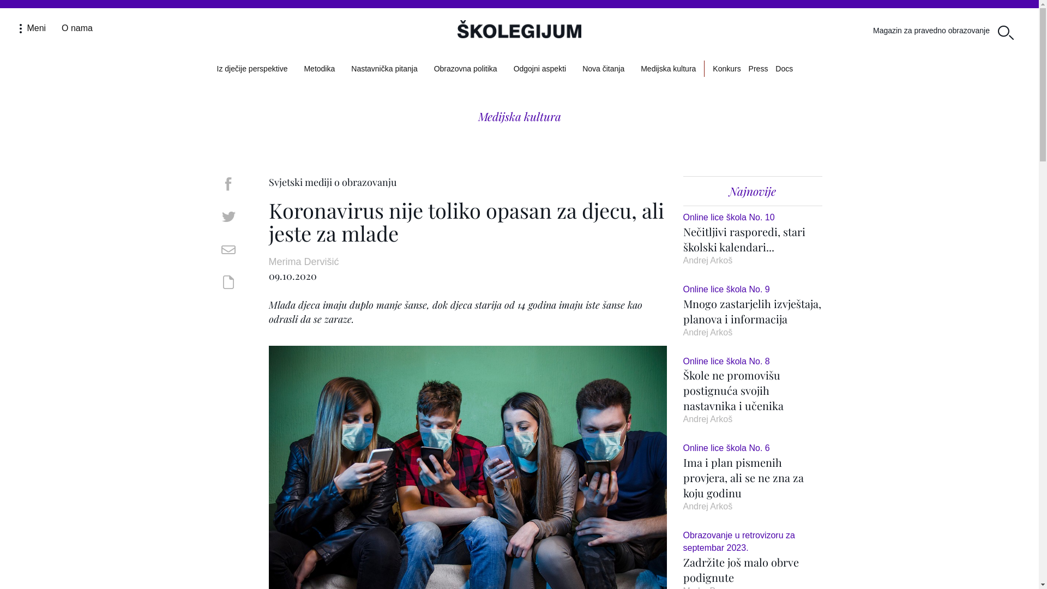  Describe the element at coordinates (784, 69) in the screenshot. I see `'Docs'` at that location.